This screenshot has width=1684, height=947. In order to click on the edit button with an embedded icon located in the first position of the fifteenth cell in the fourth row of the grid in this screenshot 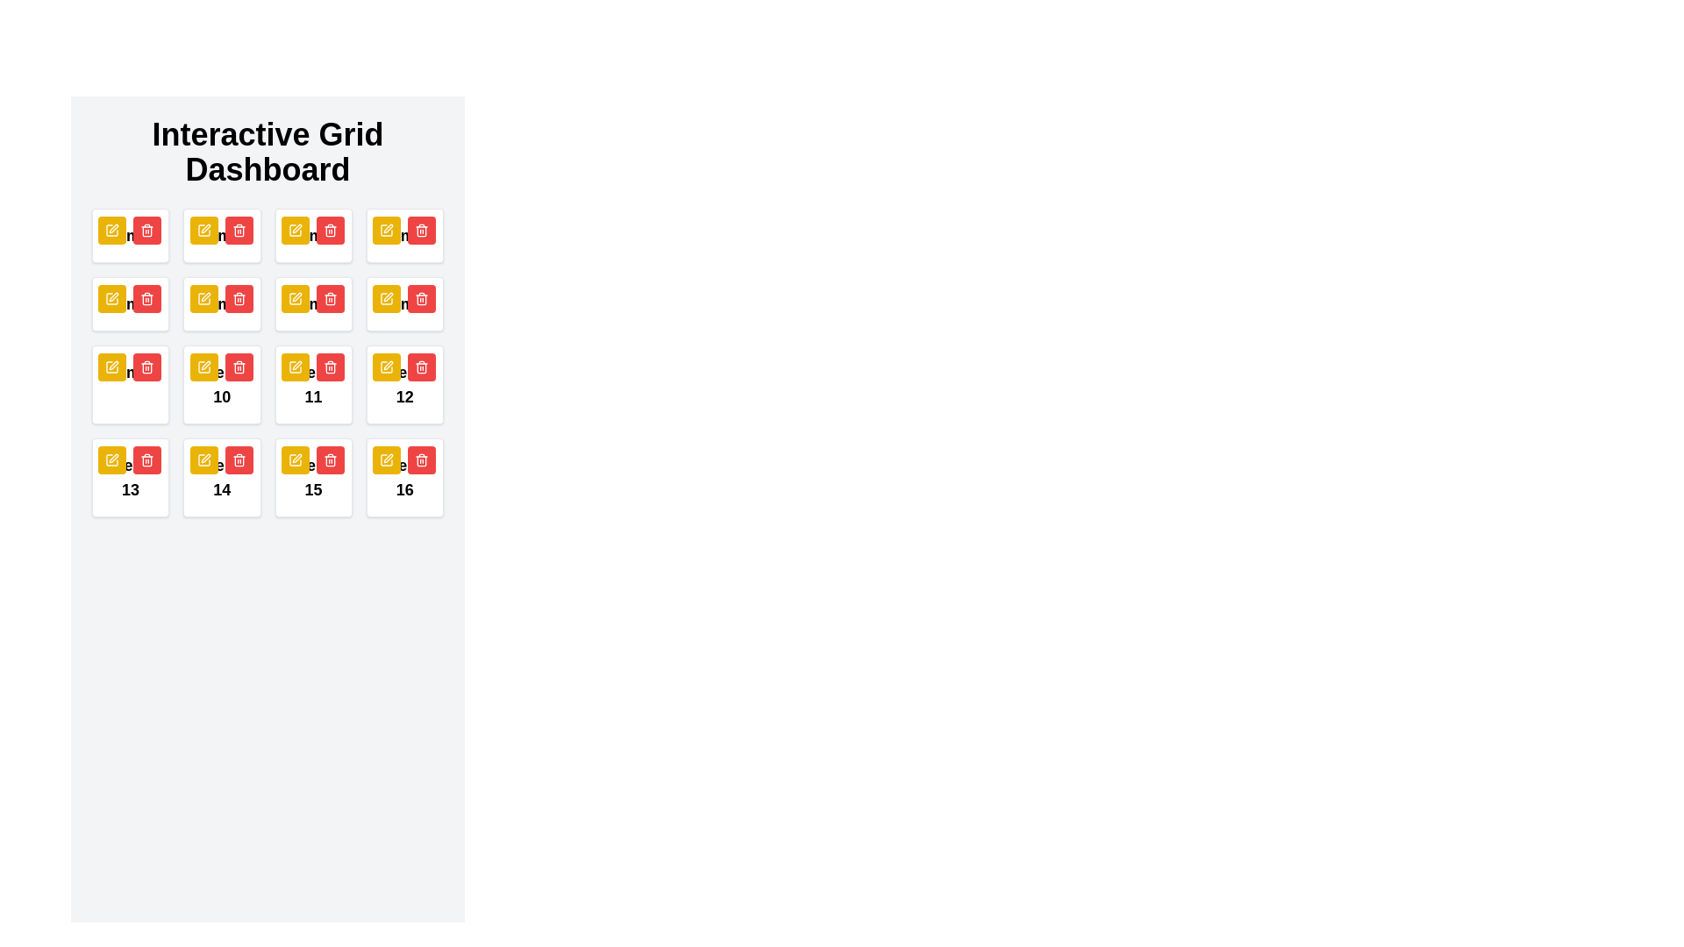, I will do `click(295, 459)`.